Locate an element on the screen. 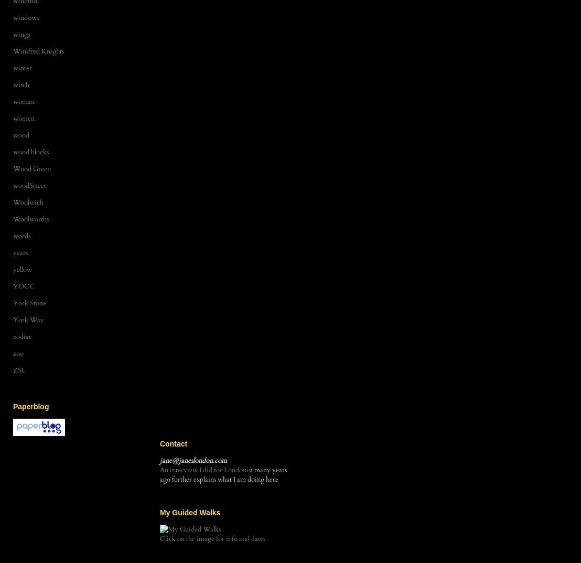 Image resolution: width=581 pixels, height=563 pixels. 'many years ago further explains what I am doing here' is located at coordinates (223, 474).